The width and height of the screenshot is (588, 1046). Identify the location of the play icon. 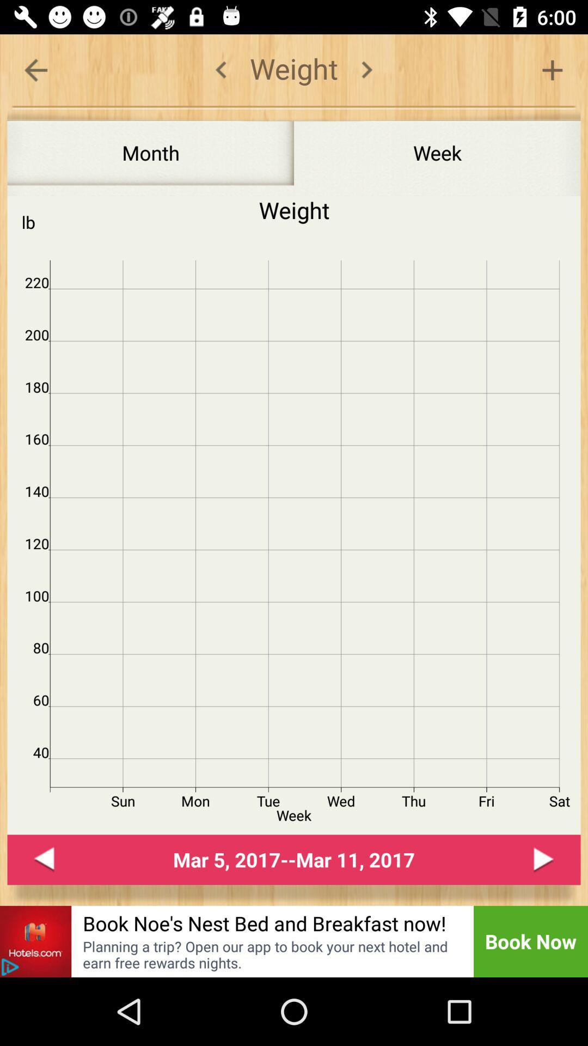
(544, 859).